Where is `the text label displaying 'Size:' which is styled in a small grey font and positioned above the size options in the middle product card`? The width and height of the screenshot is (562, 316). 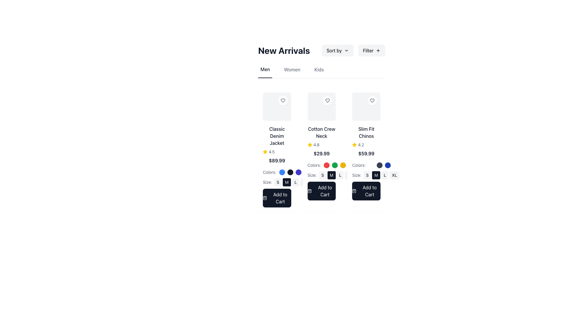 the text label displaying 'Size:' which is styled in a small grey font and positioned above the size options in the middle product card is located at coordinates (312, 175).